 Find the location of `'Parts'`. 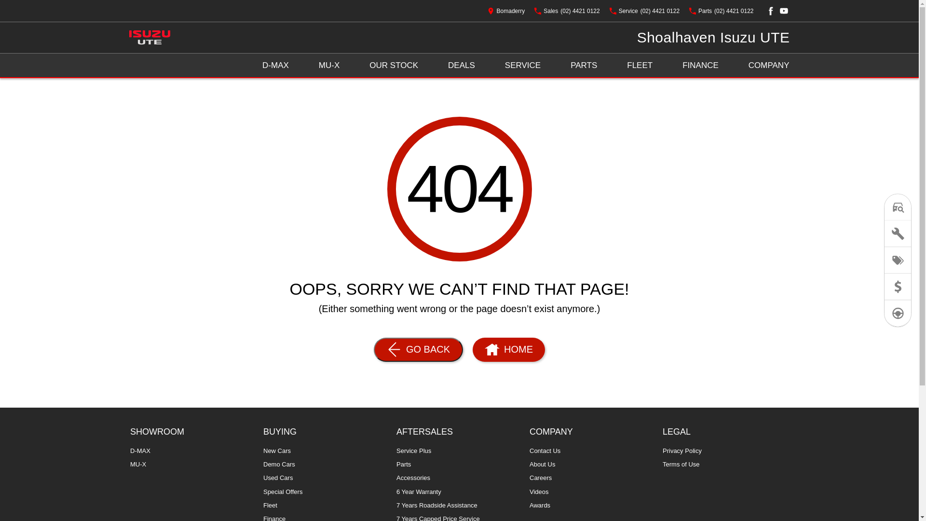

'Parts' is located at coordinates (403, 466).